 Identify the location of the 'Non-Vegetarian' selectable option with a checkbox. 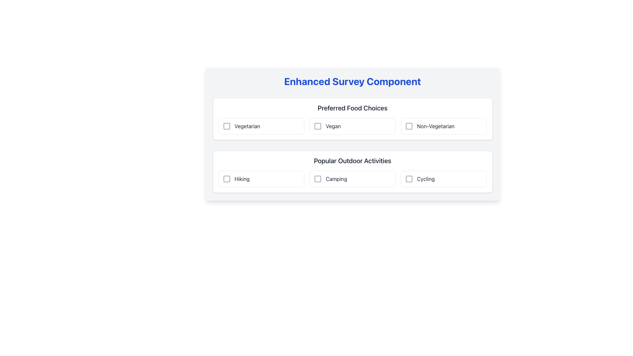
(444, 126).